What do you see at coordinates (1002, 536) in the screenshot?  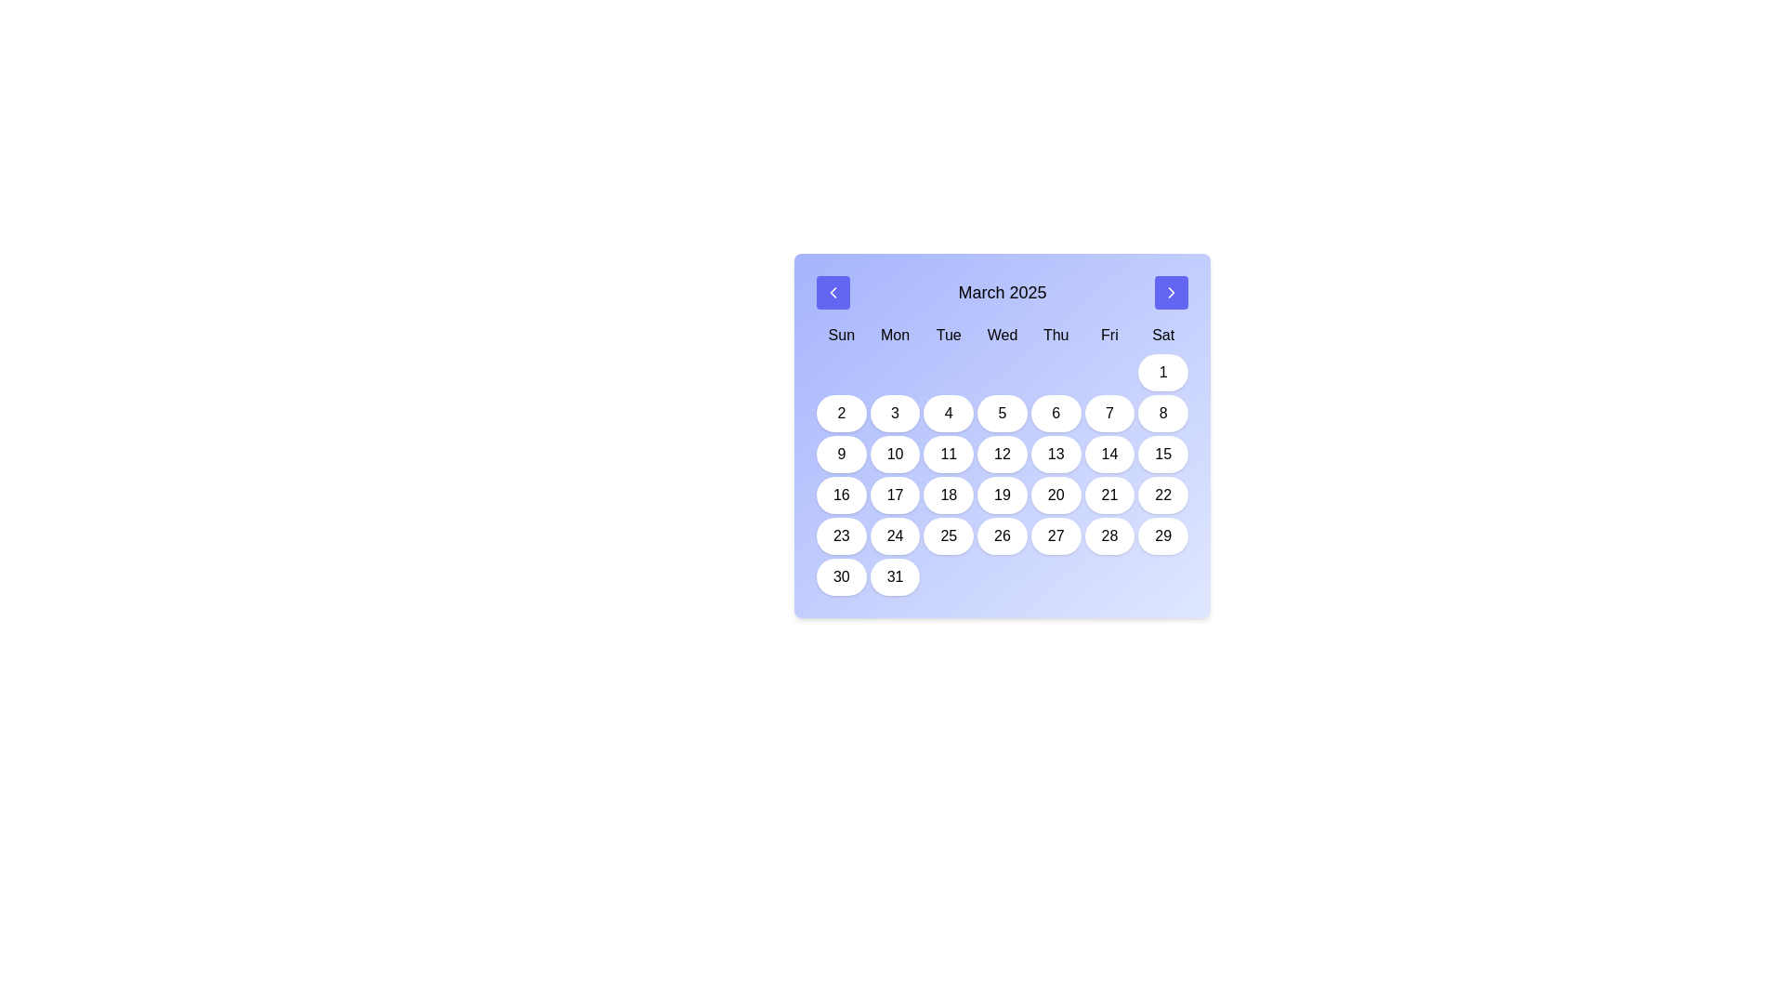 I see `the circular button with a white background and the number '26' in black text` at bounding box center [1002, 536].